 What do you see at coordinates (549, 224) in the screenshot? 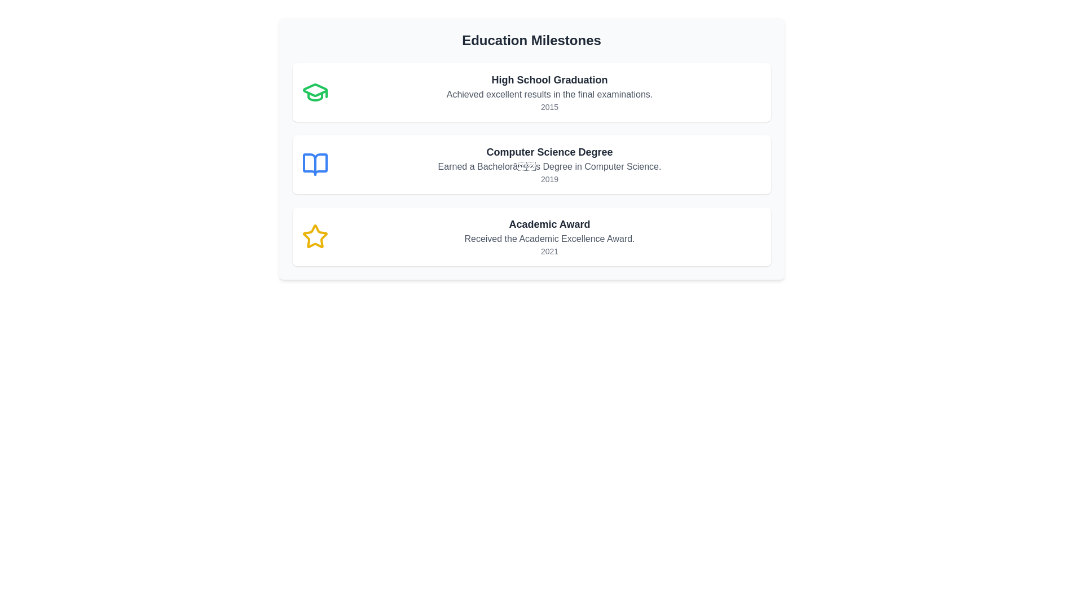
I see `the text heading styled in a bold font reading 'Academic Award', which is located in the top section of the 'Education Milestones' list` at bounding box center [549, 224].